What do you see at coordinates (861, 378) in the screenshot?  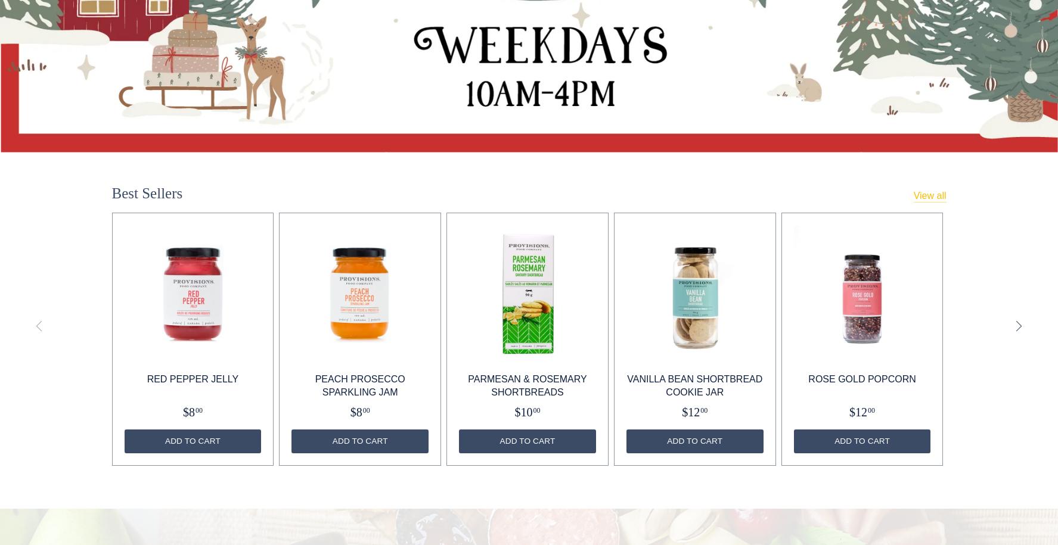 I see `'ROSE GOLD POPCORN'` at bounding box center [861, 378].